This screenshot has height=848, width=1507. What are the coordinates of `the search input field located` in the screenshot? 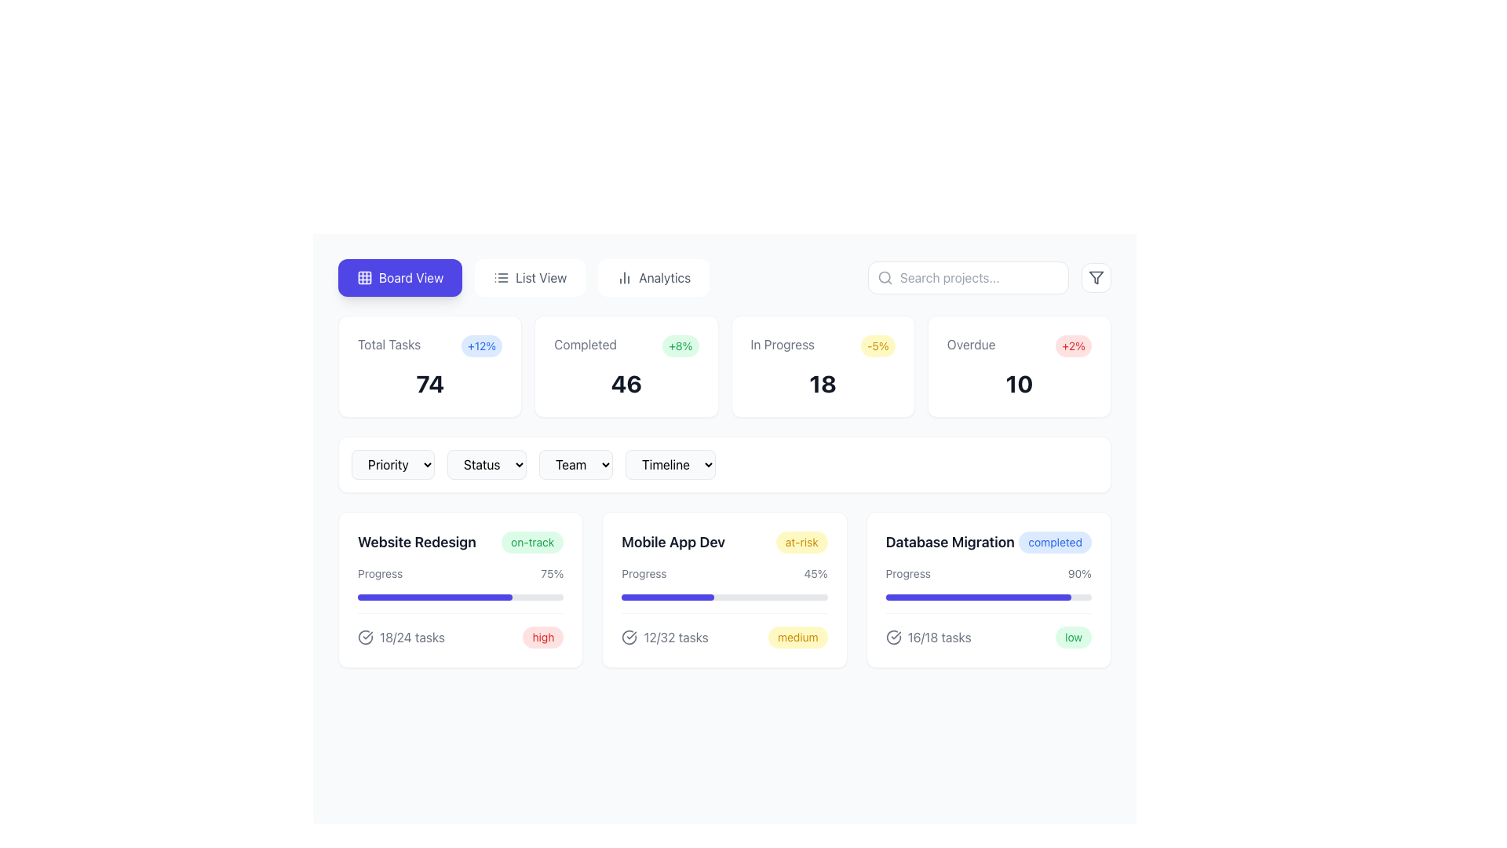 It's located at (967, 277).